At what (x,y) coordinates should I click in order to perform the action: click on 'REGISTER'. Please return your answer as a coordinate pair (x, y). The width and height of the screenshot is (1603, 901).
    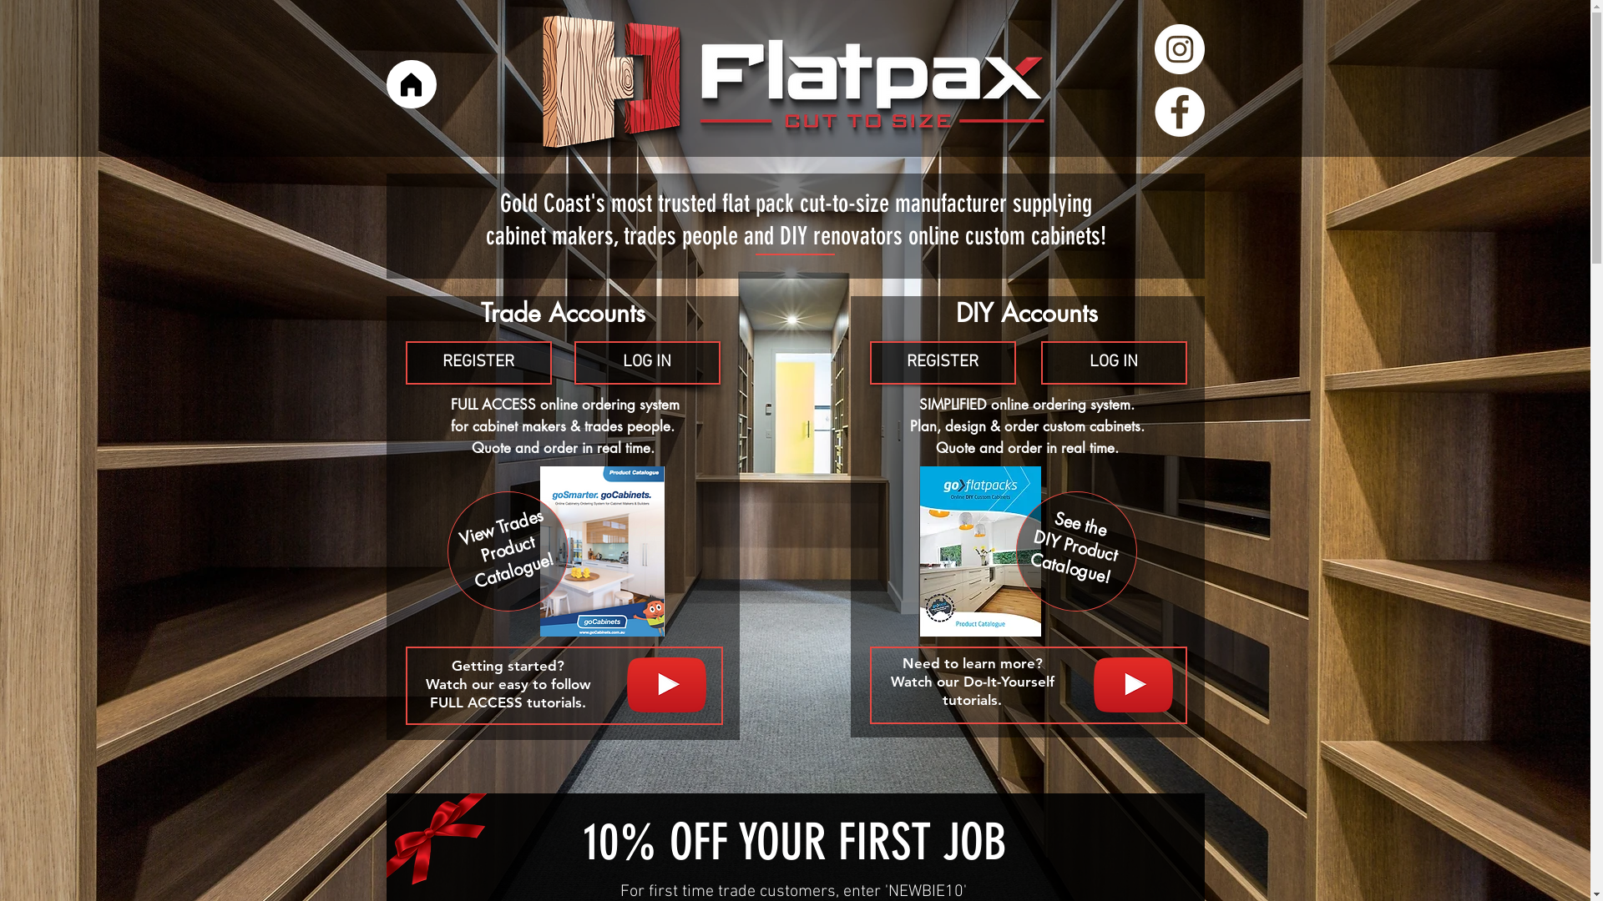
    Looking at the image, I should click on (478, 362).